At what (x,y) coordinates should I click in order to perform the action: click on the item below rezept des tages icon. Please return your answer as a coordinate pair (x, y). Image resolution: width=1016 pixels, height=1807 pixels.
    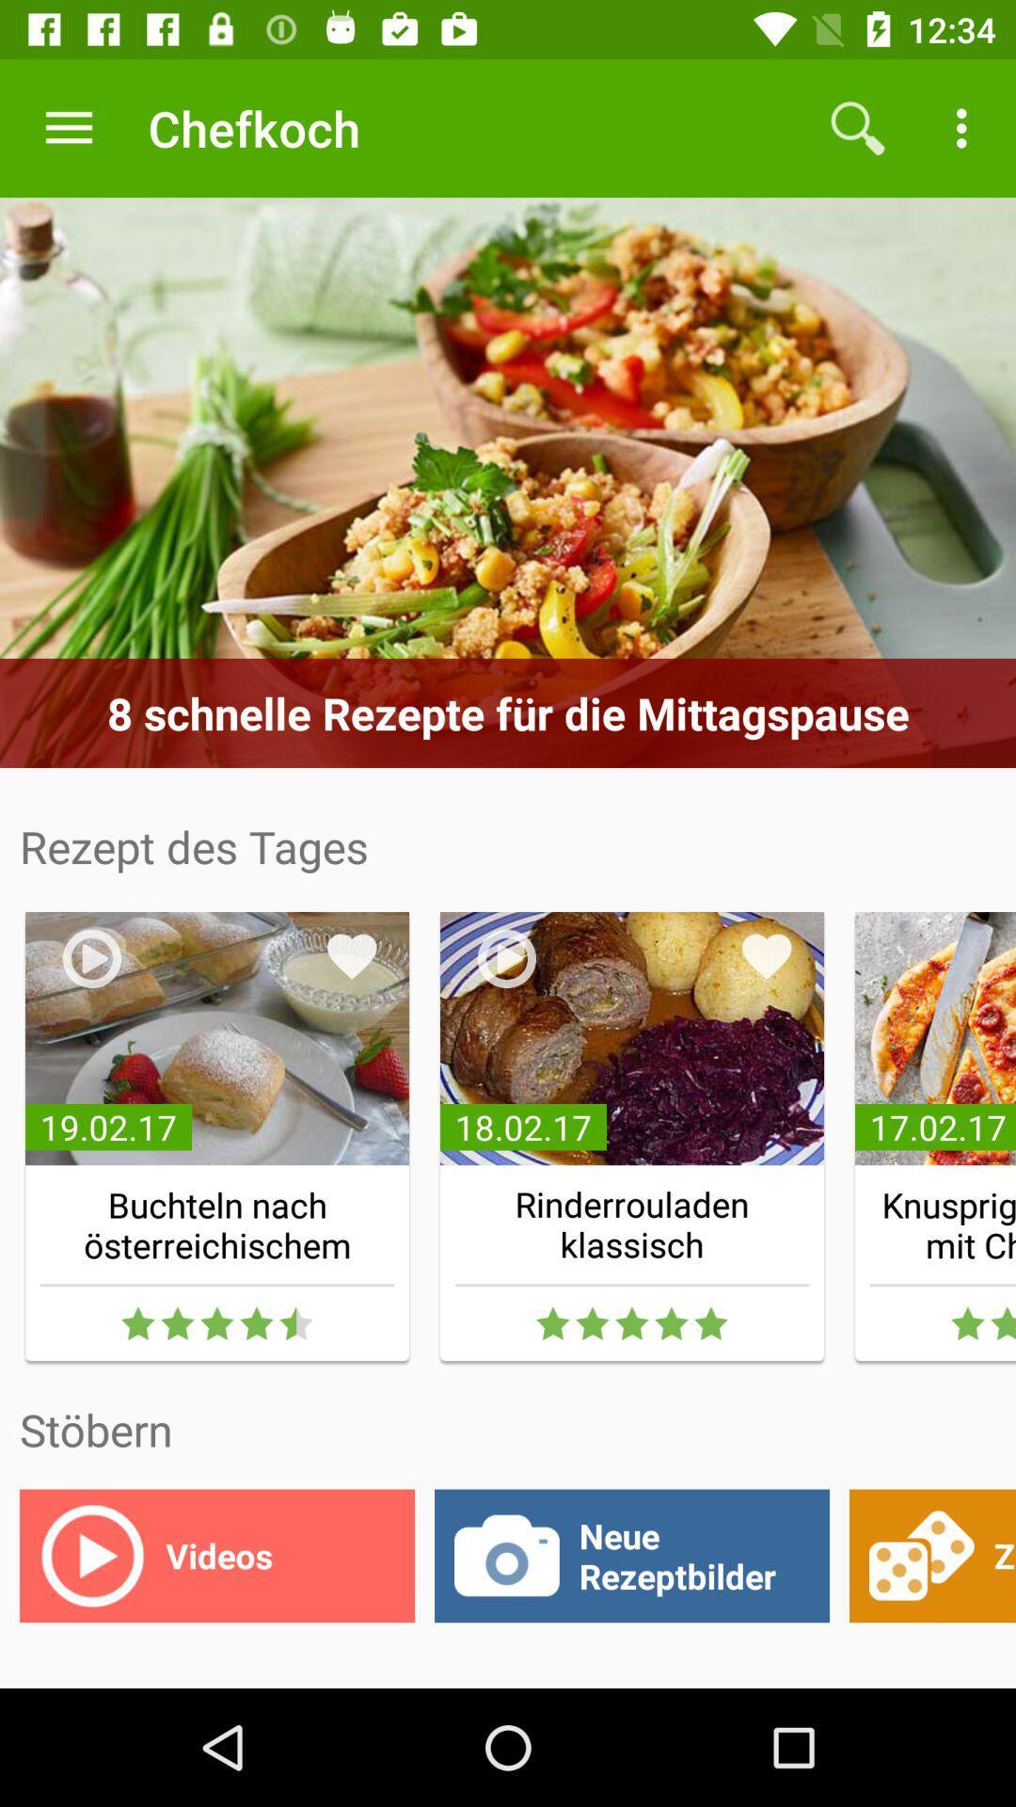
    Looking at the image, I should click on (352, 956).